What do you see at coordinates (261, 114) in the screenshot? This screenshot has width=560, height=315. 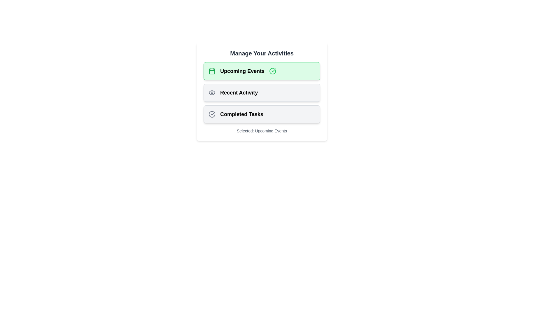 I see `the chip labeled Completed Tasks to observe the hover effect` at bounding box center [261, 114].